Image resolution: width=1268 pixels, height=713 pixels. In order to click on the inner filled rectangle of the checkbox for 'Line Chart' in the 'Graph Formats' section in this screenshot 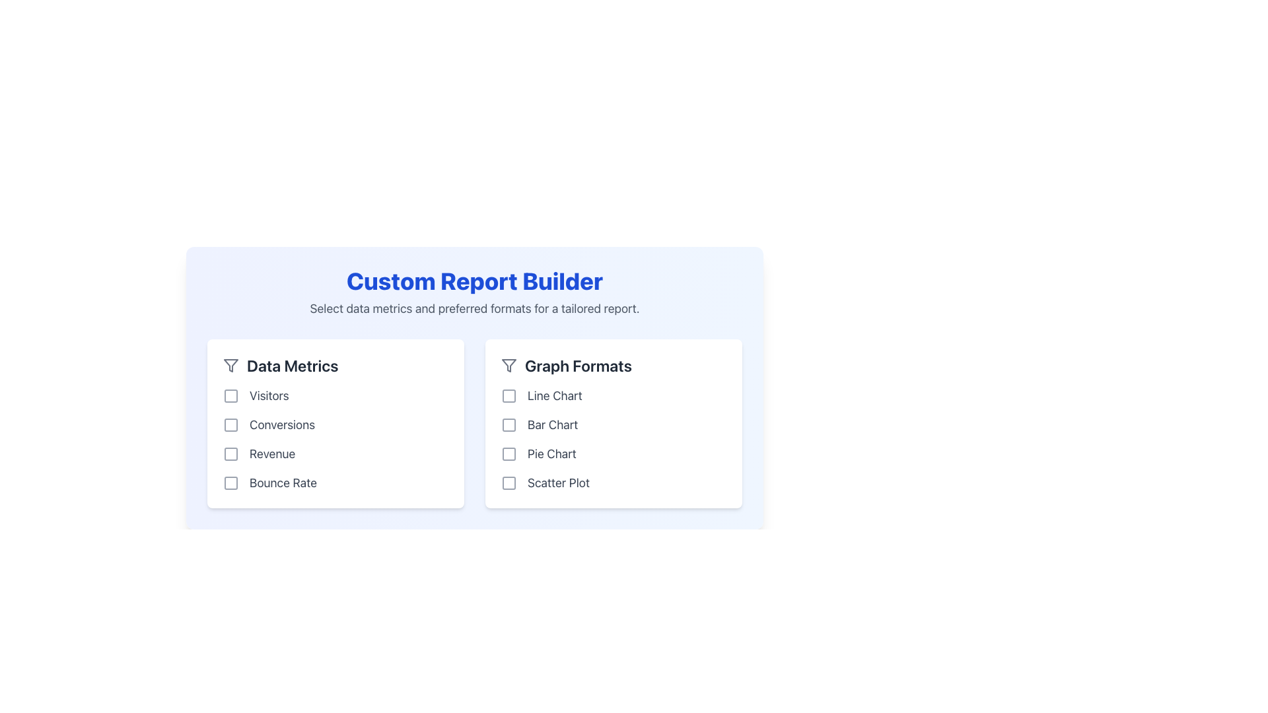, I will do `click(509, 395)`.